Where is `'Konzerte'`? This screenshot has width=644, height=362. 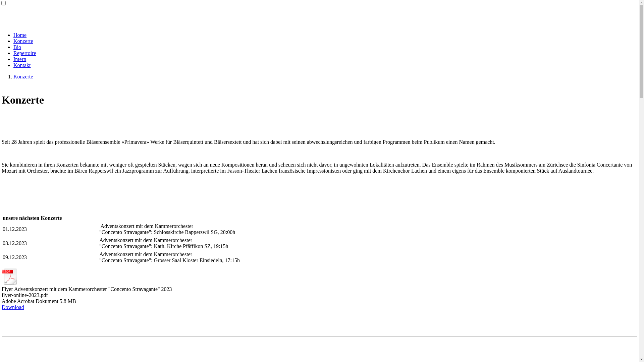 'Konzerte' is located at coordinates (23, 41).